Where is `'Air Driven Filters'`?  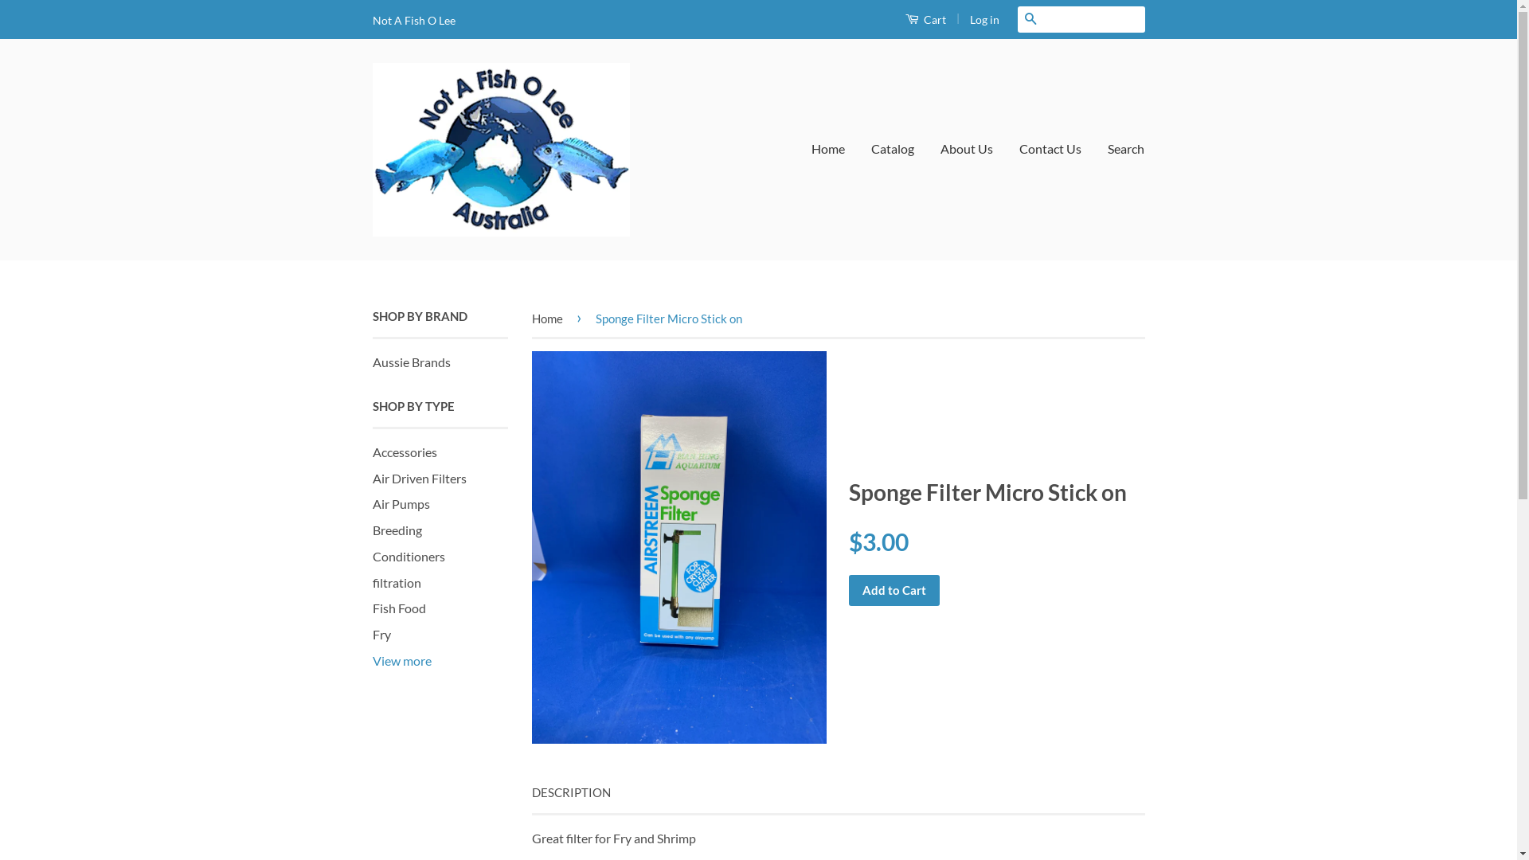 'Air Driven Filters' is located at coordinates (420, 476).